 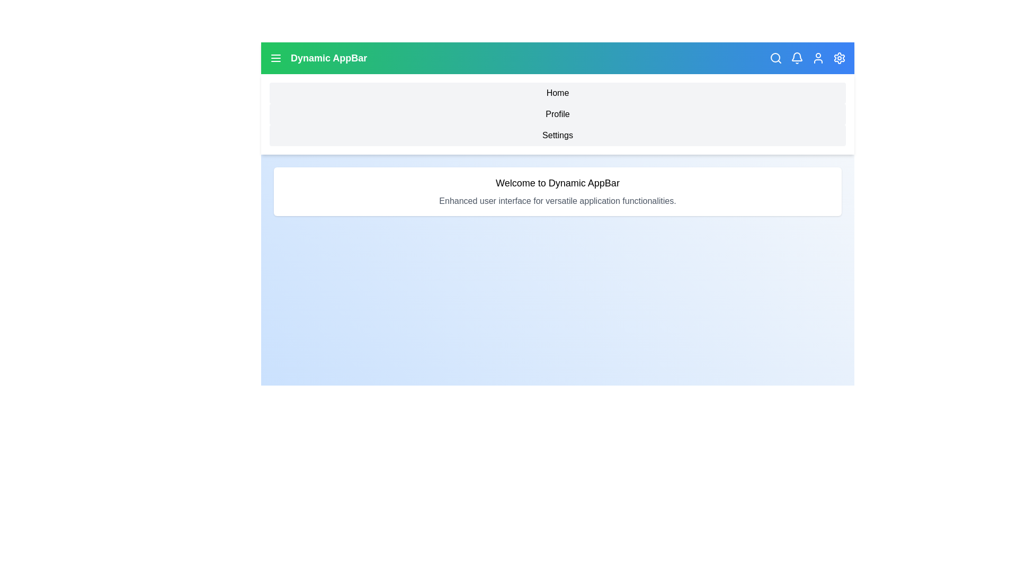 I want to click on the user icon in the app bar, so click(x=818, y=58).